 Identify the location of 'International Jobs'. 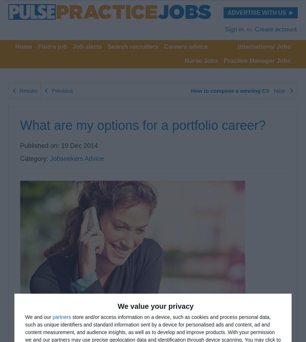
(264, 46).